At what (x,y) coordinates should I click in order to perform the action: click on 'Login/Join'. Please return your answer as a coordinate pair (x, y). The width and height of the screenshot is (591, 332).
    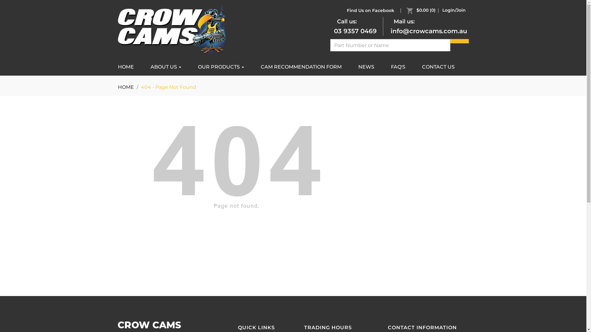
    Looking at the image, I should click on (453, 10).